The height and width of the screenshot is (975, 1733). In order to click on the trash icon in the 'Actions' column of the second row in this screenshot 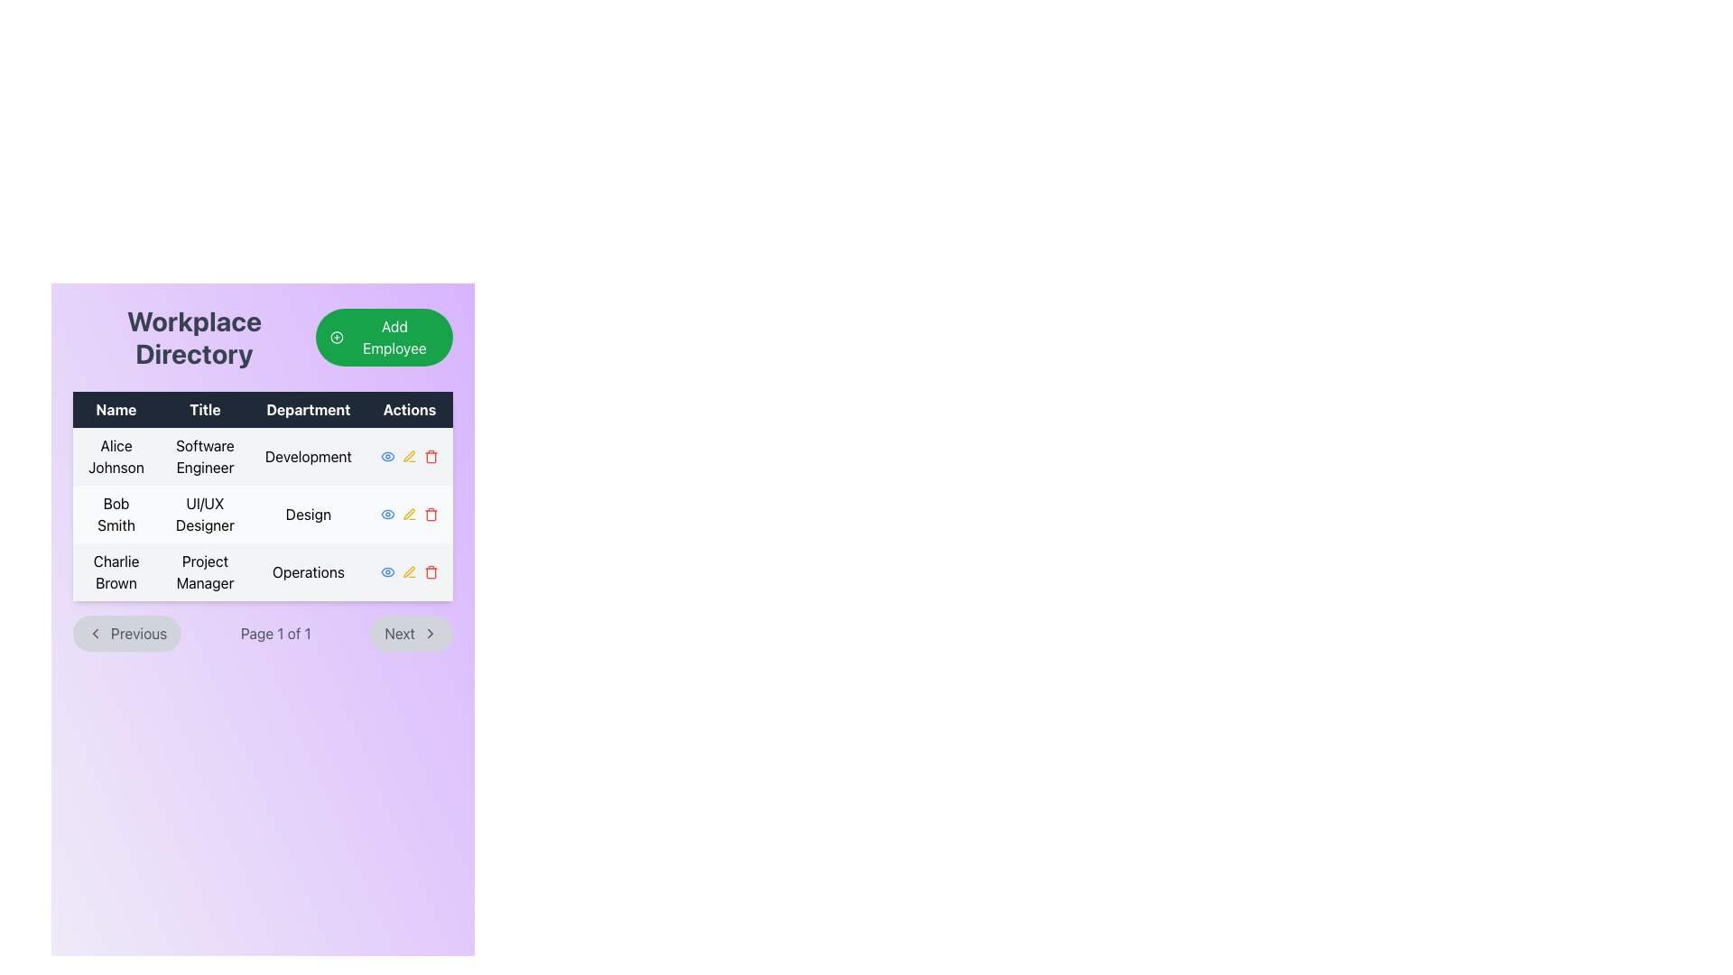, I will do `click(430, 455)`.